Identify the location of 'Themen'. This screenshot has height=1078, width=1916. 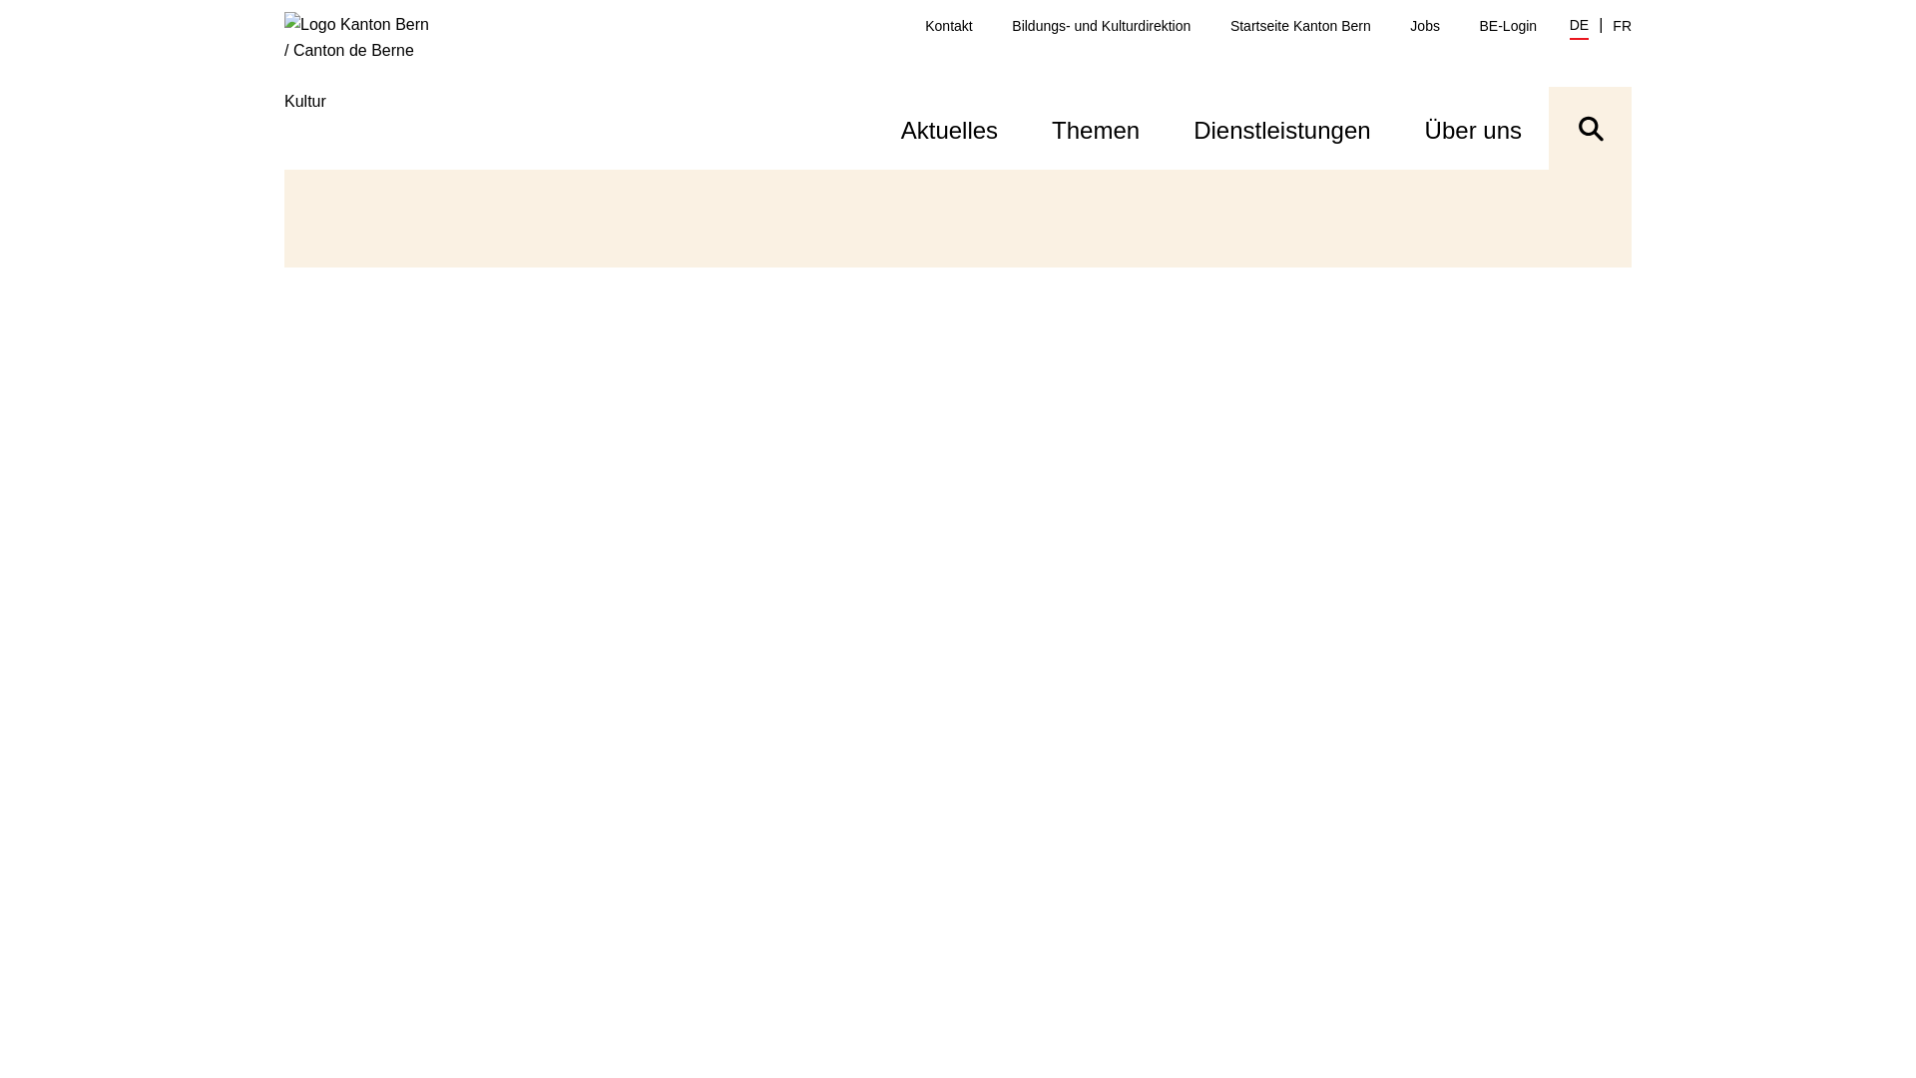
(1025, 128).